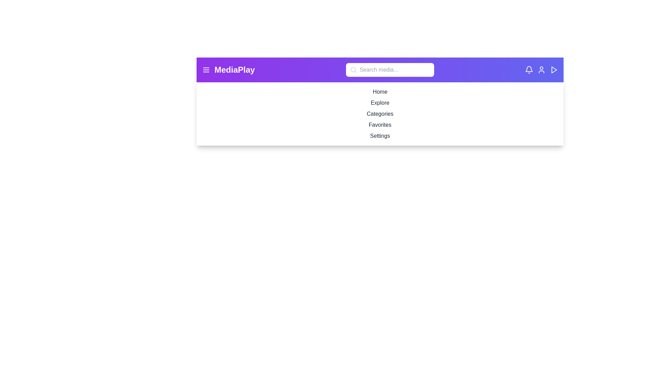  I want to click on the text input box with placeholder text 'Search media...' located in the top section of the interface, next to 'MediaPlay', so click(390, 70).